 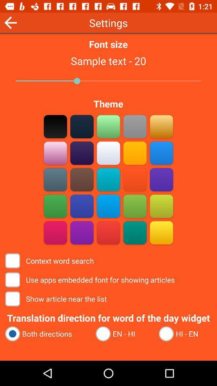 What do you see at coordinates (82, 179) in the screenshot?
I see `change theme color` at bounding box center [82, 179].